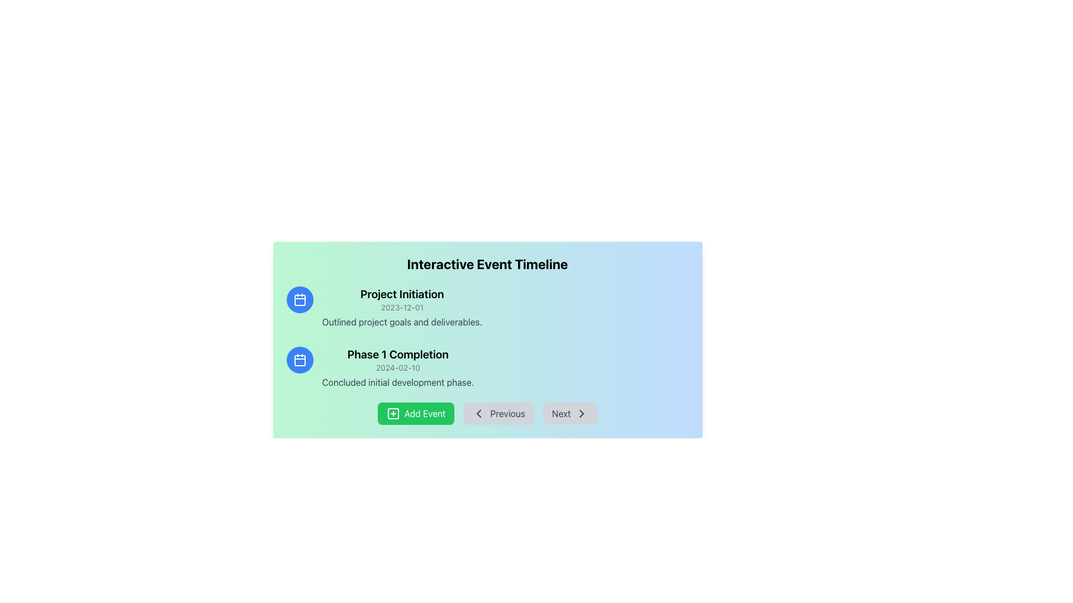 The height and width of the screenshot is (603, 1073). What do you see at coordinates (393, 413) in the screenshot?
I see `the icon within the 'Add Event' button located at the bottom left of the main content area to indicate the action to add a new event to the timeline` at bounding box center [393, 413].